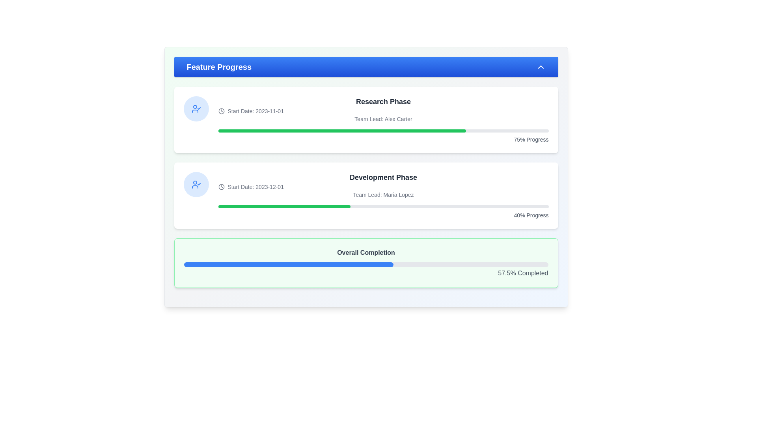 This screenshot has width=757, height=426. I want to click on information displayed in the 'Development Phase' card, which includes the start date '2023-12-01', team lead 'Maria Lopez', and '40% Progress' shown on a green progress bar, so click(383, 195).